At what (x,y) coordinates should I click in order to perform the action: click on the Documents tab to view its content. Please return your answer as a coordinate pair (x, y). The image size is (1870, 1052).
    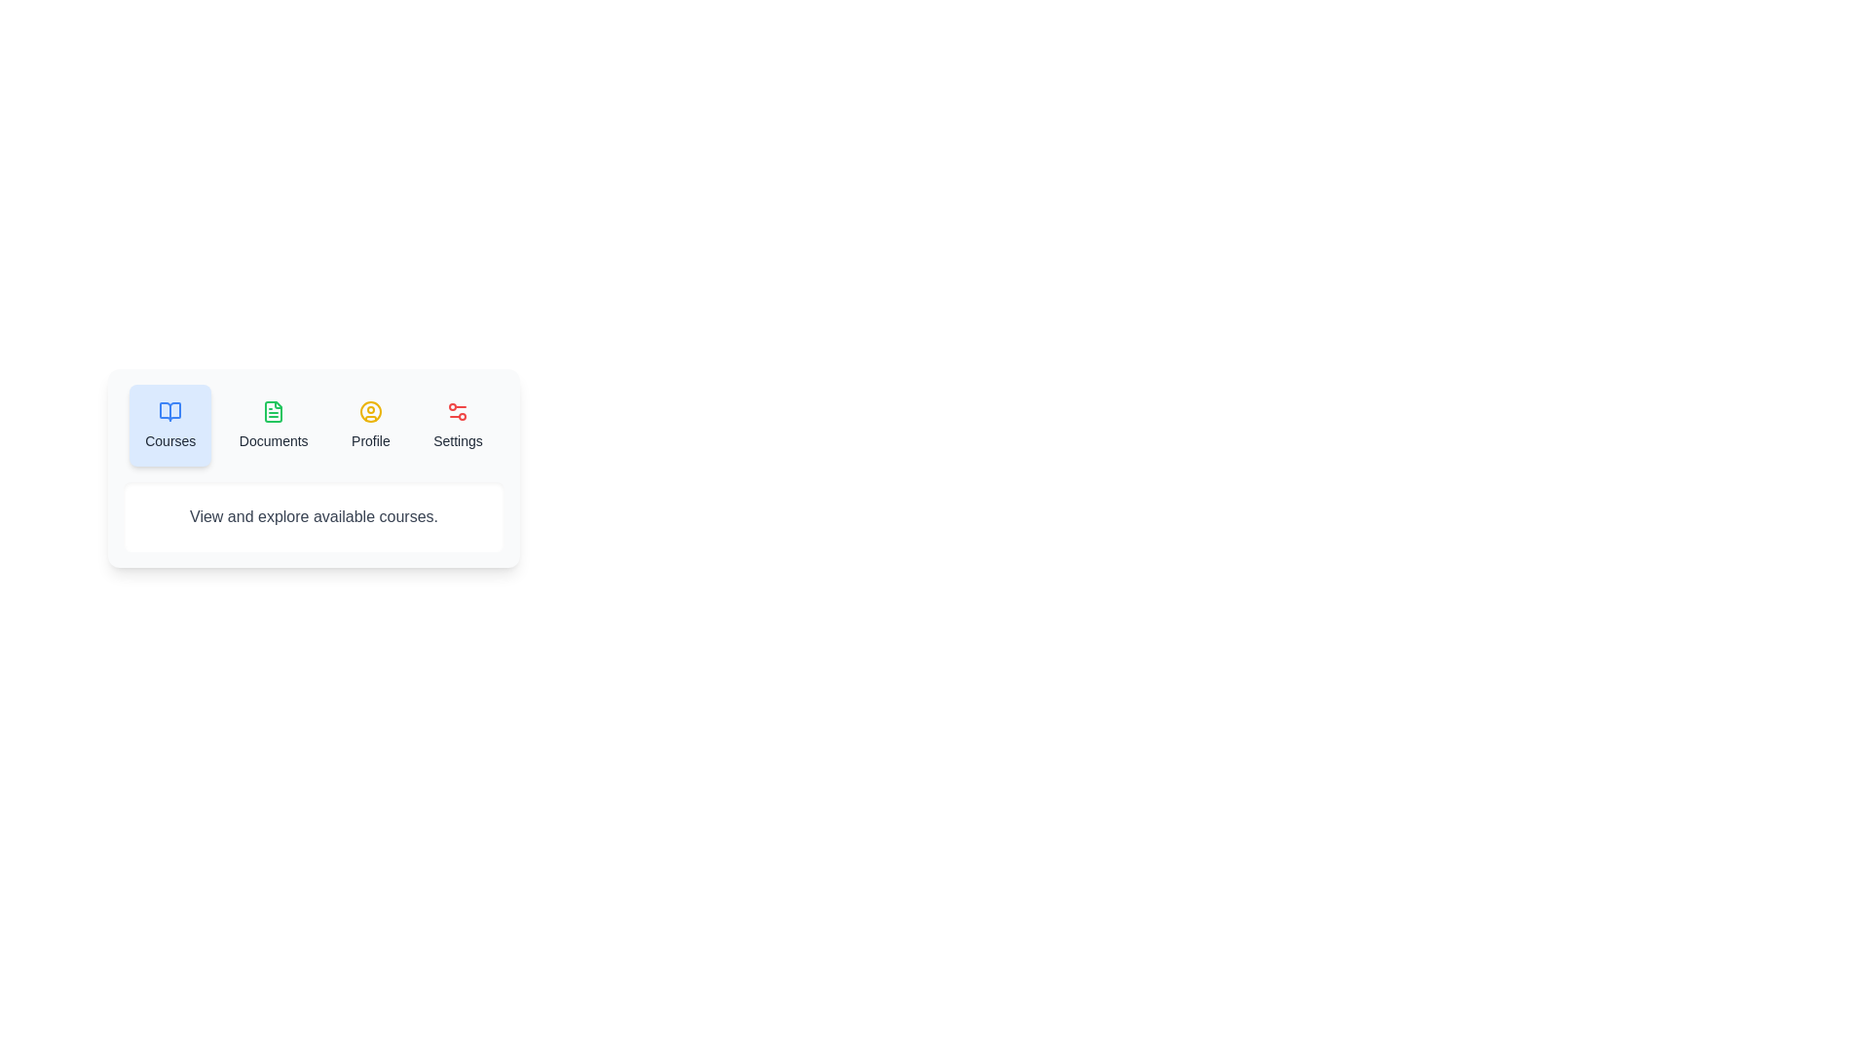
    Looking at the image, I should click on (273, 424).